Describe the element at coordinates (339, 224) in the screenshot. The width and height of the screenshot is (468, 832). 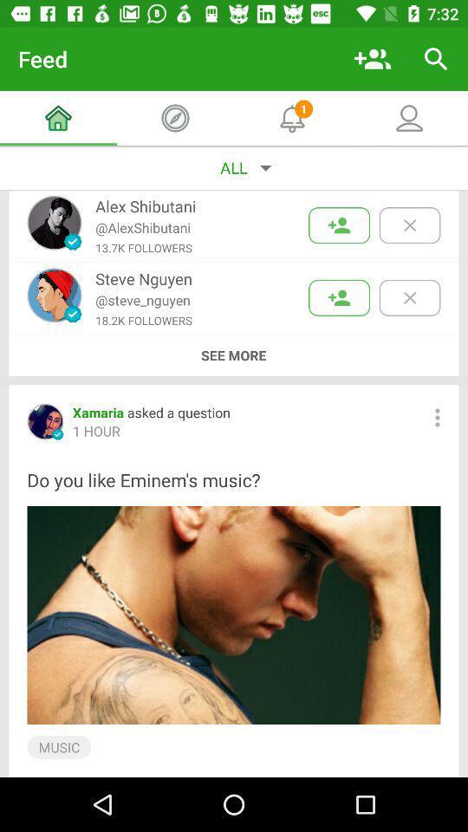
I see `to friends` at that location.